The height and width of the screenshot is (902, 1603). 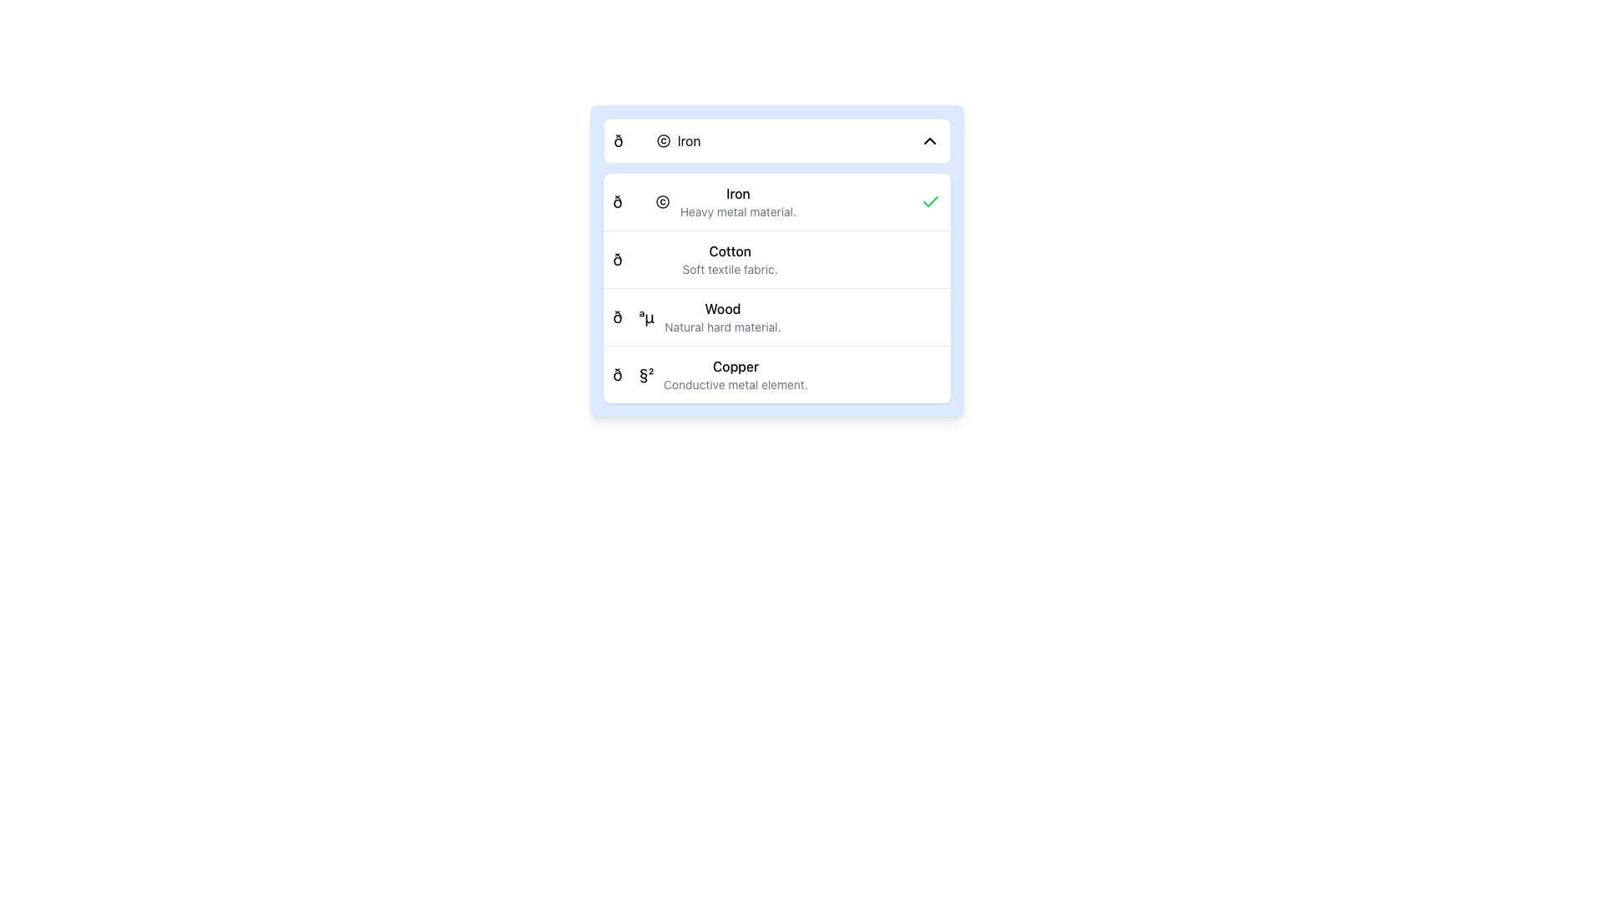 I want to click on the first list item in the dropdown menu labeled 'Iron', which features a circular icon and a bold typeface, so click(x=656, y=140).